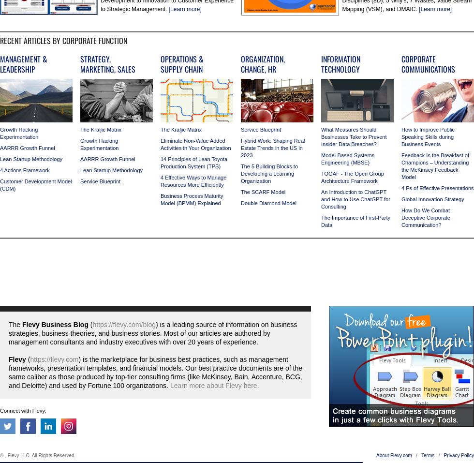 Image resolution: width=474 pixels, height=463 pixels. I want to click on 'Terms', so click(428, 455).